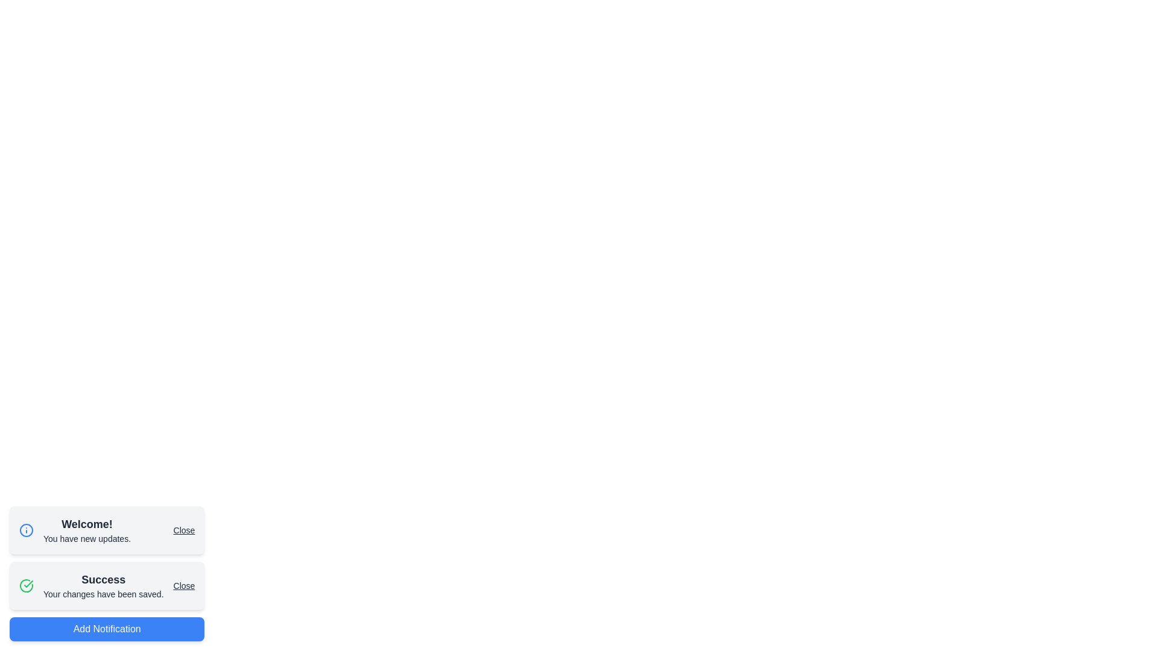  I want to click on bold and large-sized text label that says 'Welcome!' located in the upper section of a notification card, above the smaller text 'You have new updates.', so click(86, 524).